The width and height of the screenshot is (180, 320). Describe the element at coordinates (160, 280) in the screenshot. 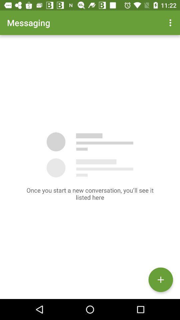

I see `the add icon` at that location.